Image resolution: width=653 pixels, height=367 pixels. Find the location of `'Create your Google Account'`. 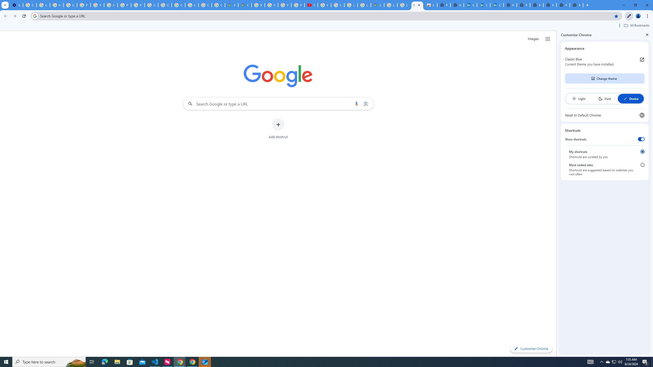

'Create your Google Account' is located at coordinates (191, 5).